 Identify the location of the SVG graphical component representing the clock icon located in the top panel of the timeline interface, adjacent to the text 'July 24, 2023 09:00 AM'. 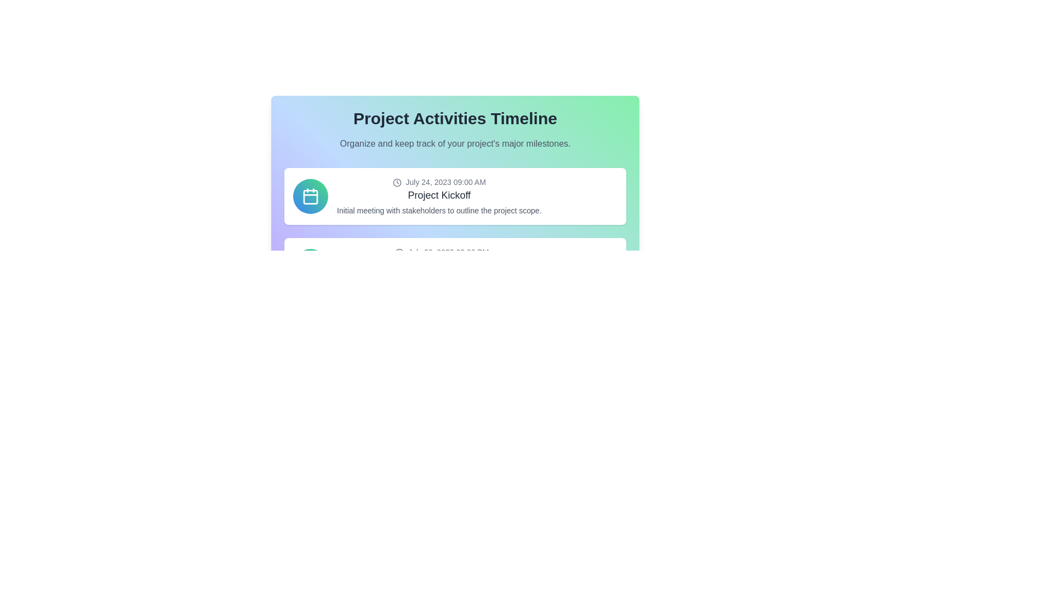
(396, 182).